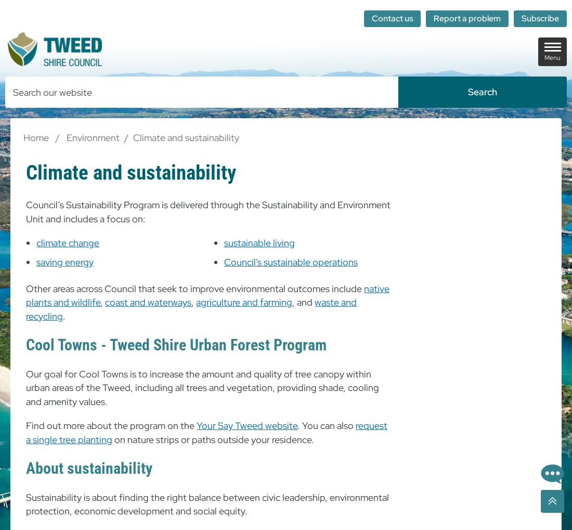  What do you see at coordinates (88, 468) in the screenshot?
I see `'About sustainability'` at bounding box center [88, 468].